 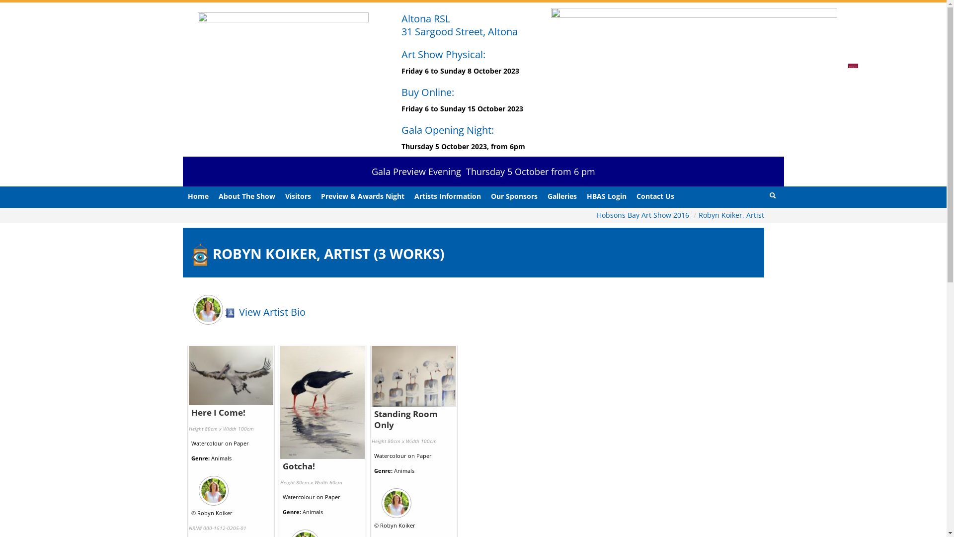 I want to click on 'Preview & Awards Night', so click(x=362, y=196).